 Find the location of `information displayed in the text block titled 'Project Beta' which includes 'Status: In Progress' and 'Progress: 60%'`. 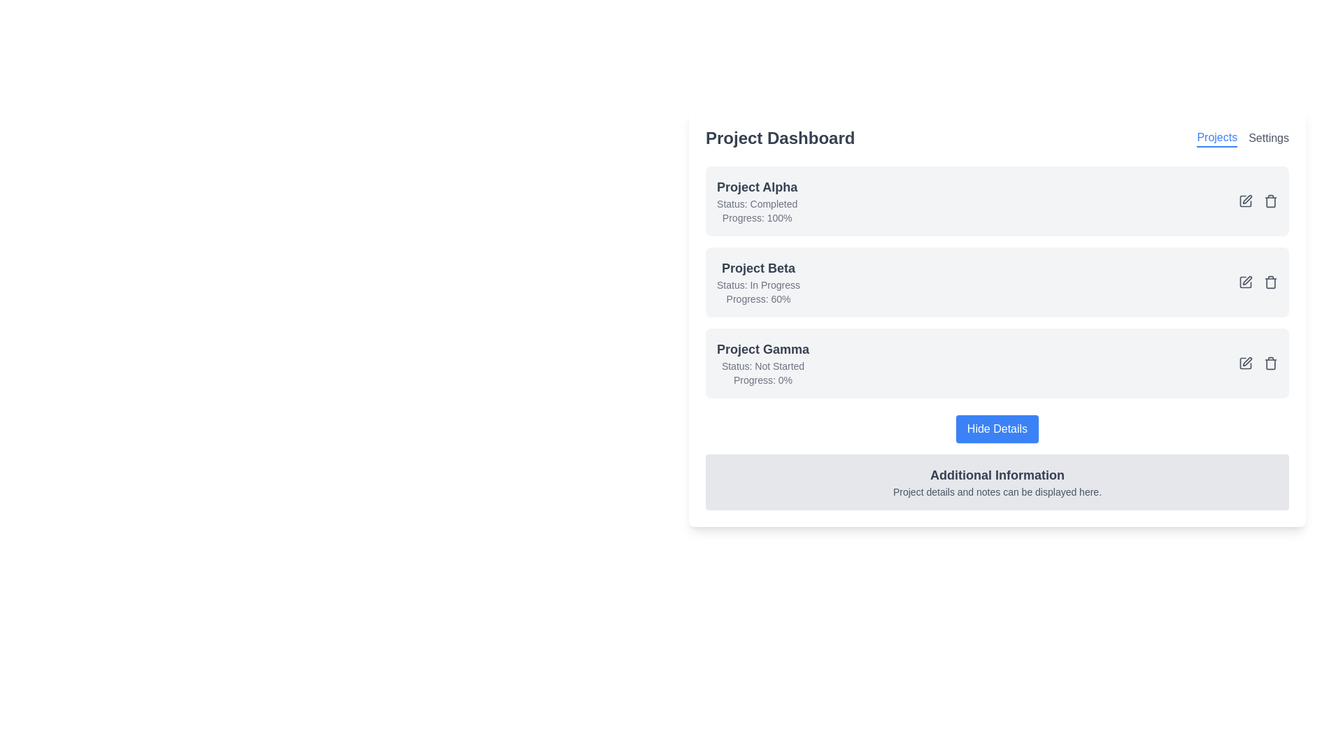

information displayed in the text block titled 'Project Beta' which includes 'Status: In Progress' and 'Progress: 60%' is located at coordinates (758, 282).